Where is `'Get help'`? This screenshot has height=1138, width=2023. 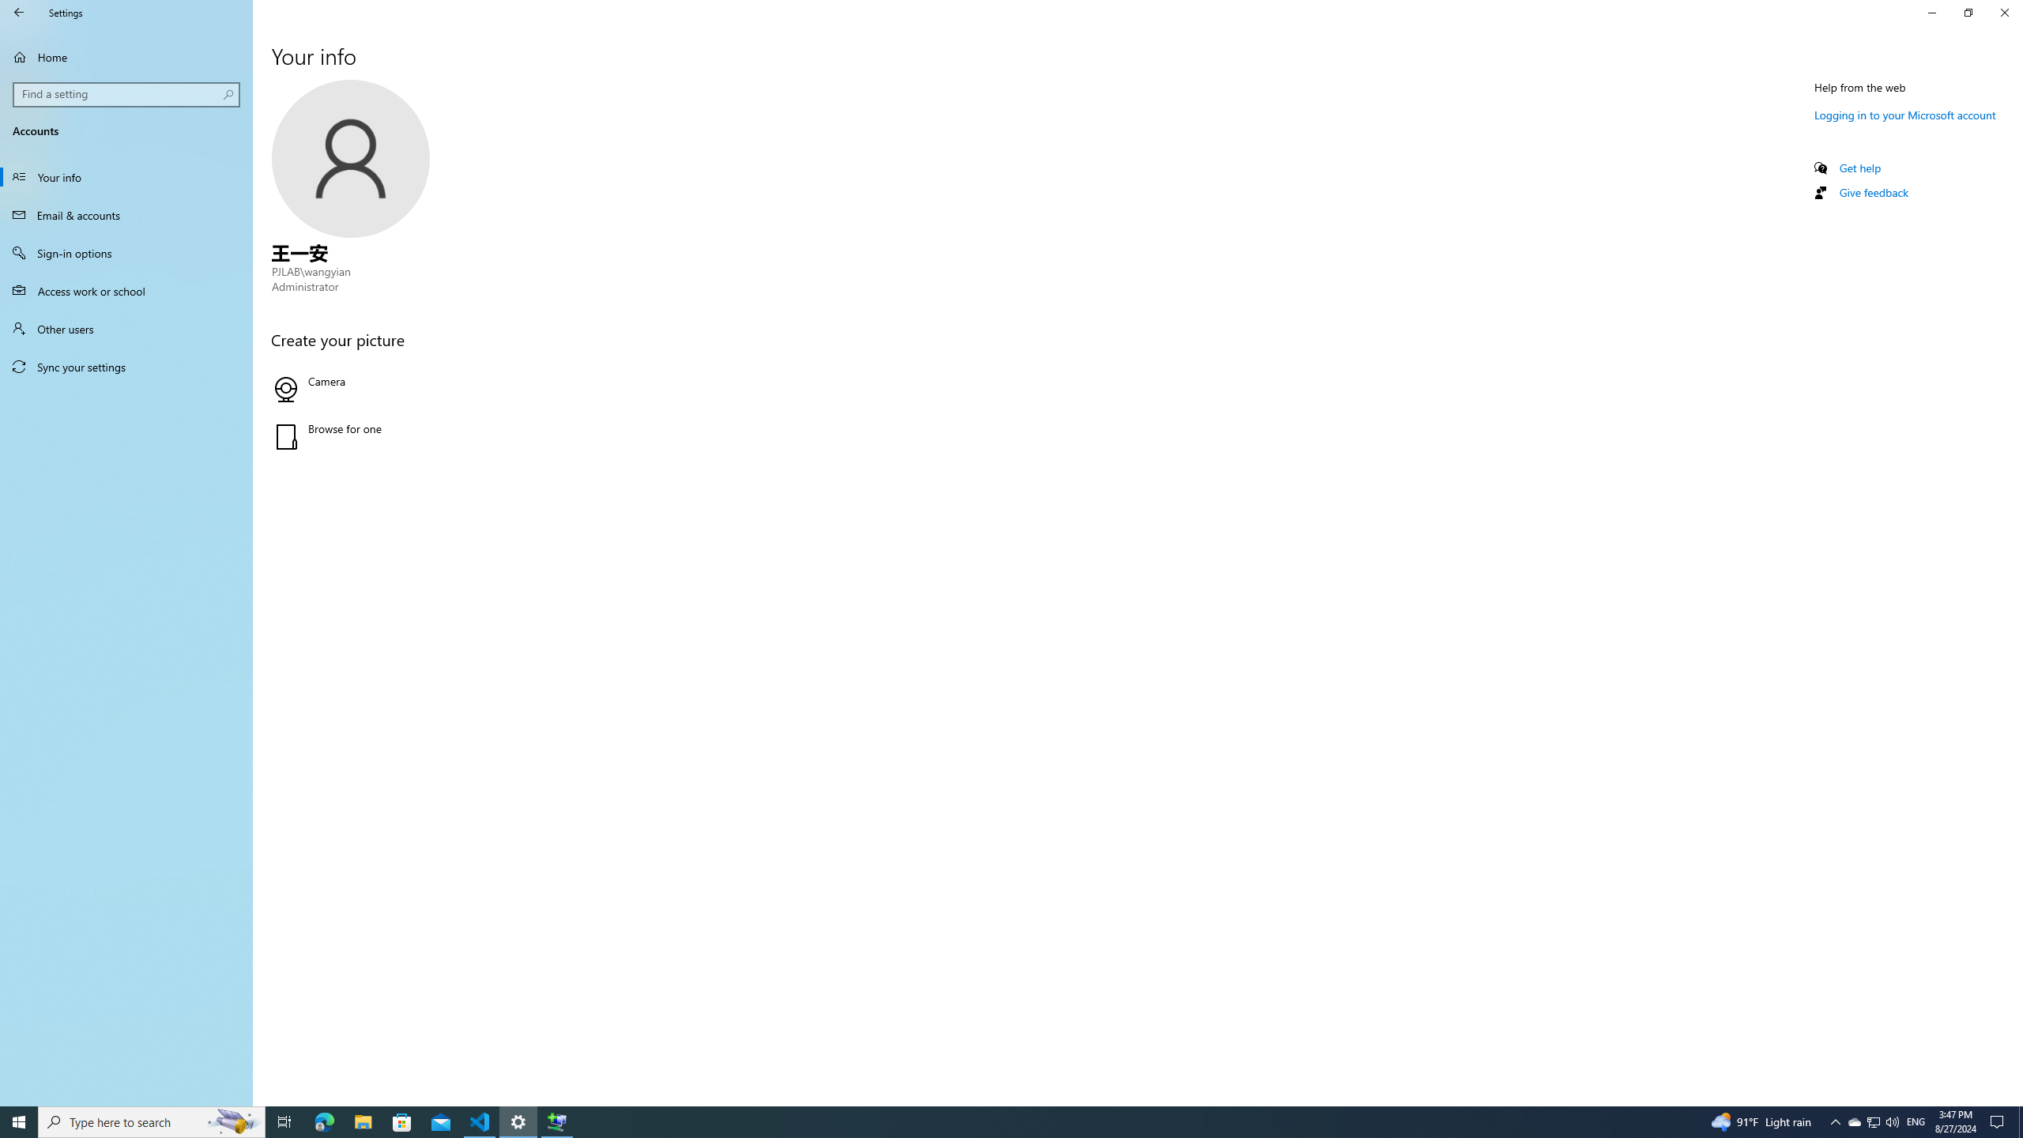
'Get help' is located at coordinates (1859, 167).